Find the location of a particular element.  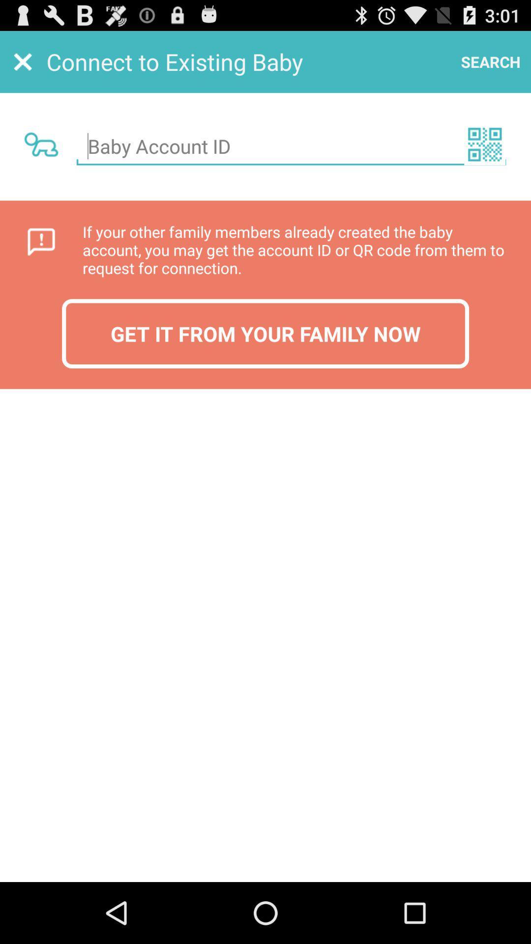

qr code is located at coordinates (484, 144).